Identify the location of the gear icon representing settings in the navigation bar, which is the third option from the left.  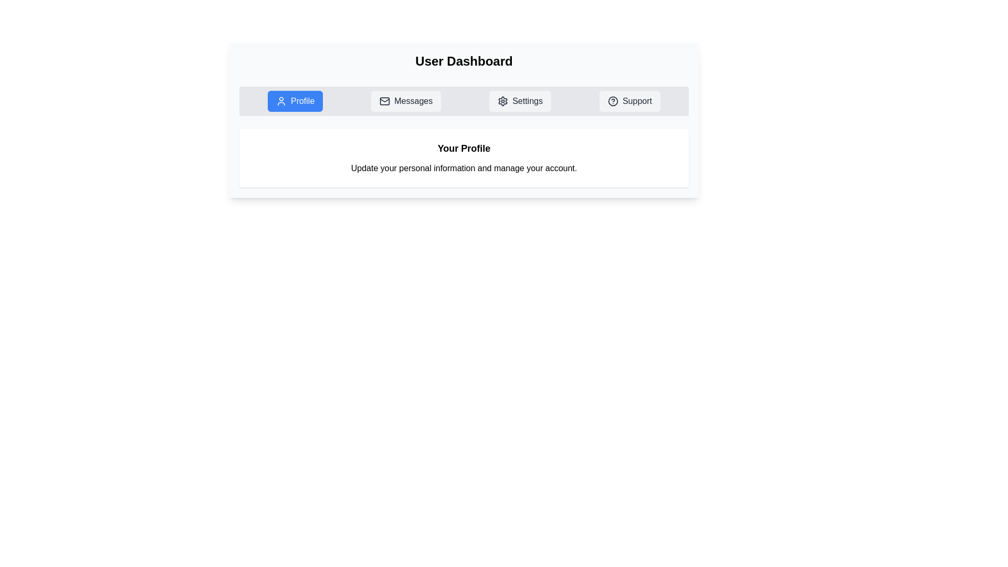
(502, 101).